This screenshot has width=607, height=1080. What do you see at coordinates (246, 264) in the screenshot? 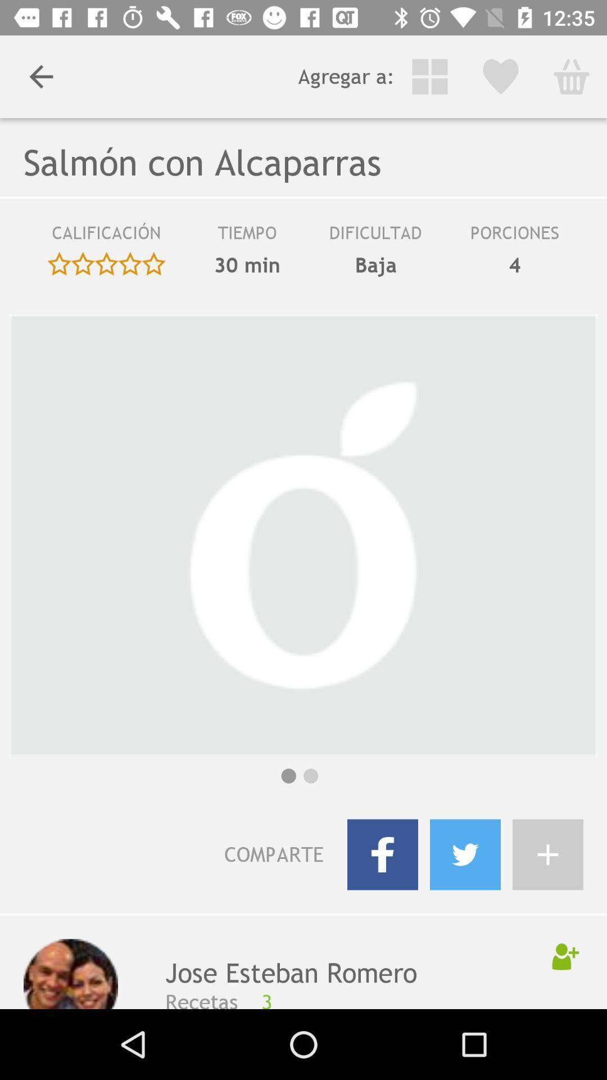
I see `30 min item` at bounding box center [246, 264].